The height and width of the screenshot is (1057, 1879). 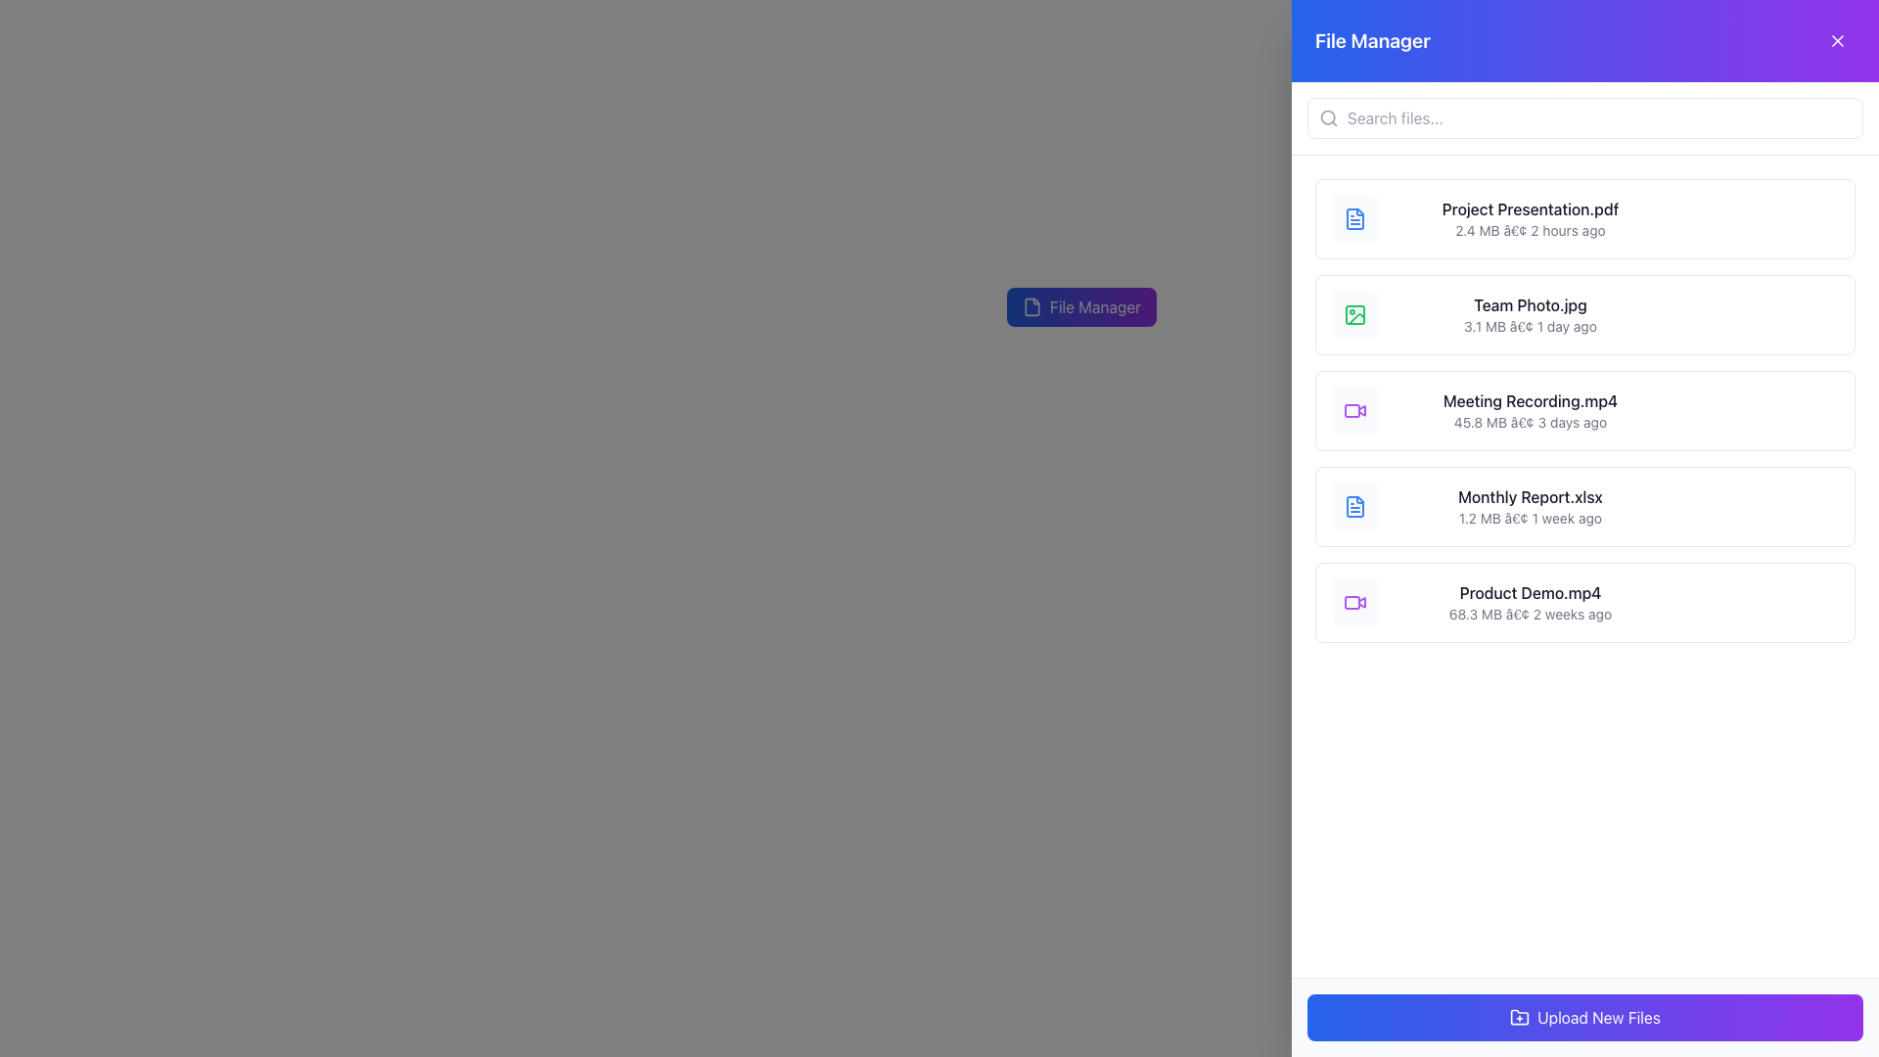 I want to click on the folder icon button with a plus symbol, which is located in the sidebar toolbar for file management, so click(x=1519, y=1016).